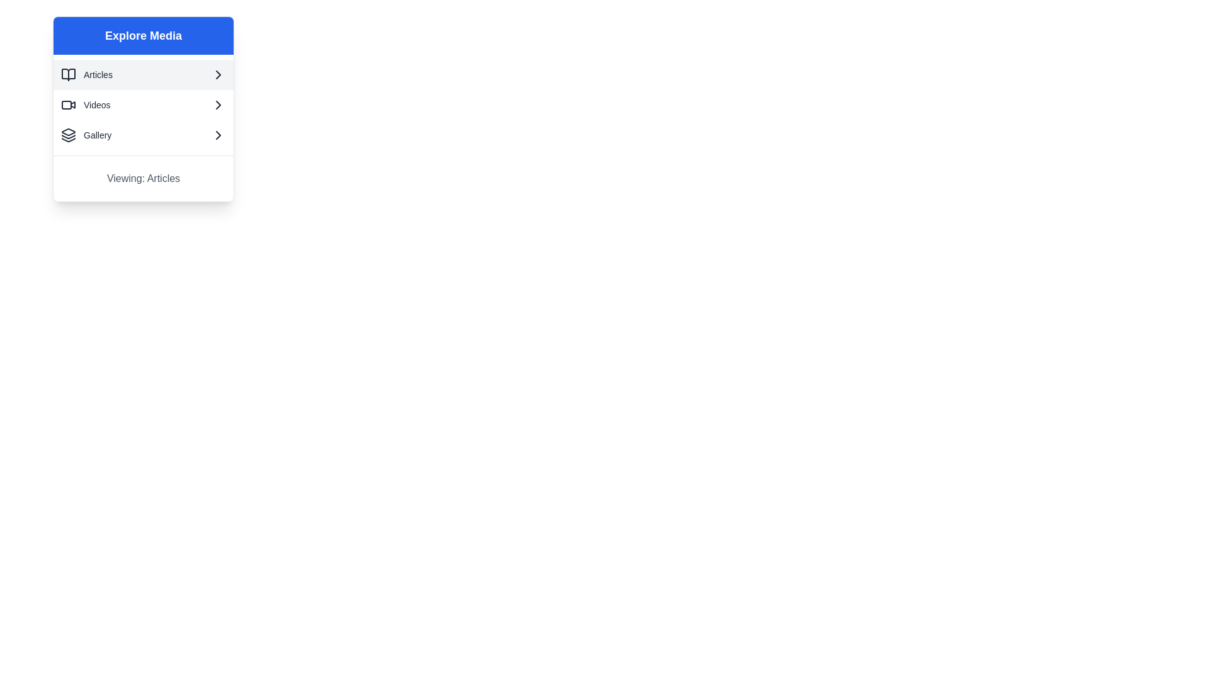 This screenshot has width=1209, height=680. What do you see at coordinates (143, 179) in the screenshot?
I see `the text label that reads 'Viewing: Articles', which is styled in gray and located below the 'Gallery' option within the 'Explore Media' section` at bounding box center [143, 179].